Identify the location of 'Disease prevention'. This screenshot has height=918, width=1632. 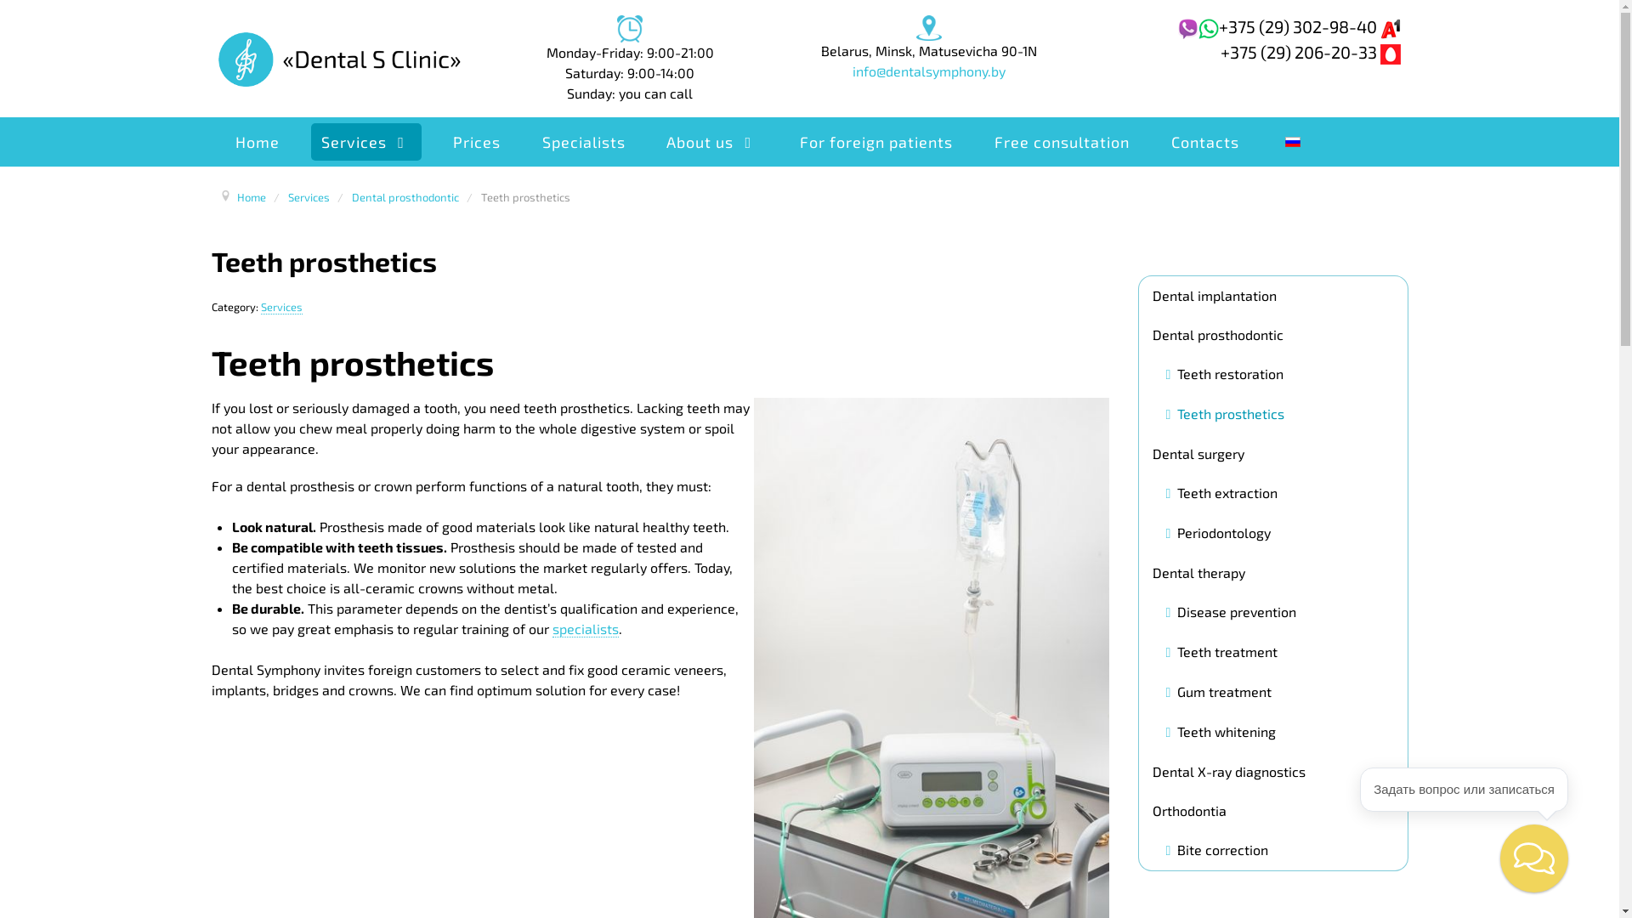
(1232, 610).